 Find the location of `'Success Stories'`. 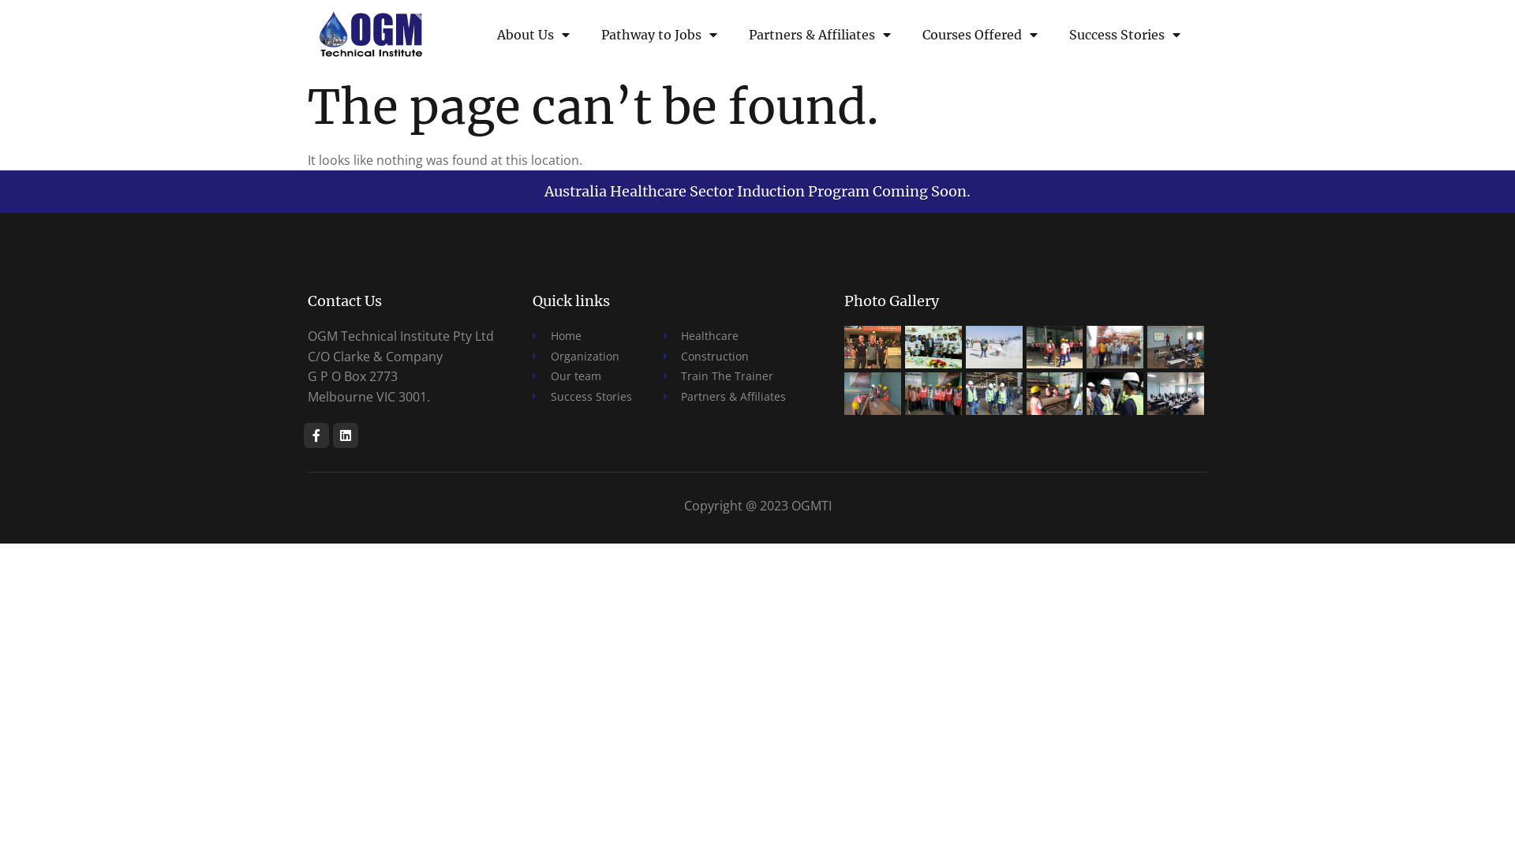

'Success Stories' is located at coordinates (1053, 35).